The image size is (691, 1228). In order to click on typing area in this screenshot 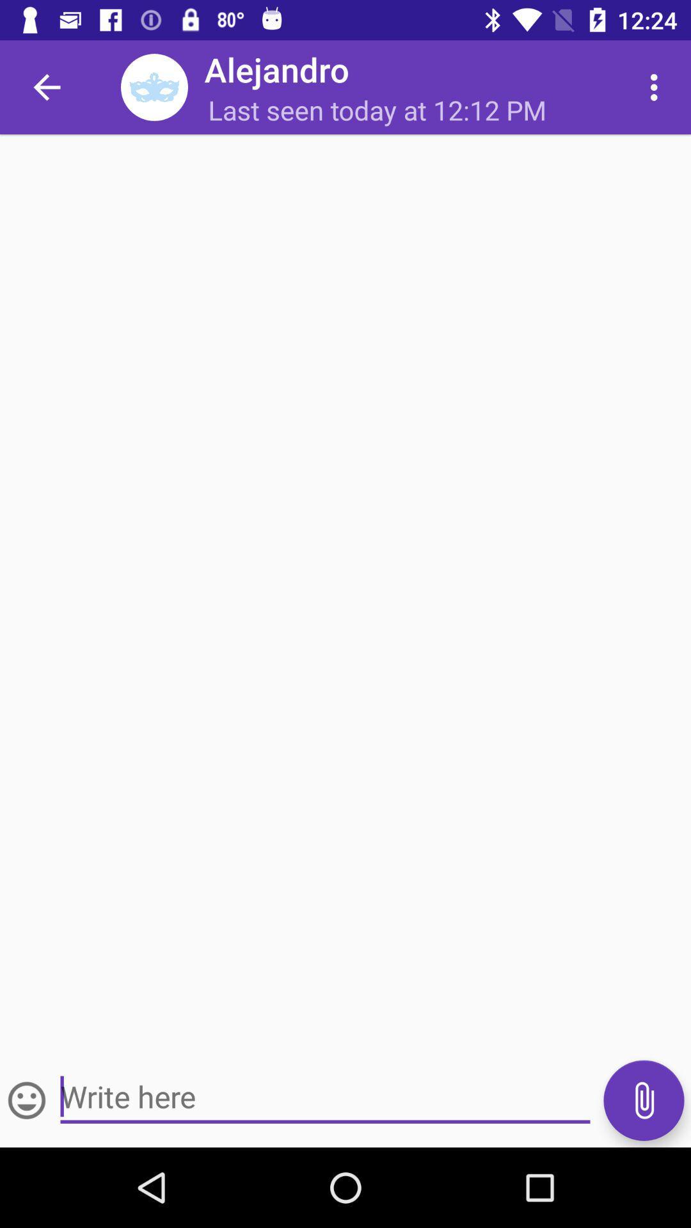, I will do `click(324, 1096)`.